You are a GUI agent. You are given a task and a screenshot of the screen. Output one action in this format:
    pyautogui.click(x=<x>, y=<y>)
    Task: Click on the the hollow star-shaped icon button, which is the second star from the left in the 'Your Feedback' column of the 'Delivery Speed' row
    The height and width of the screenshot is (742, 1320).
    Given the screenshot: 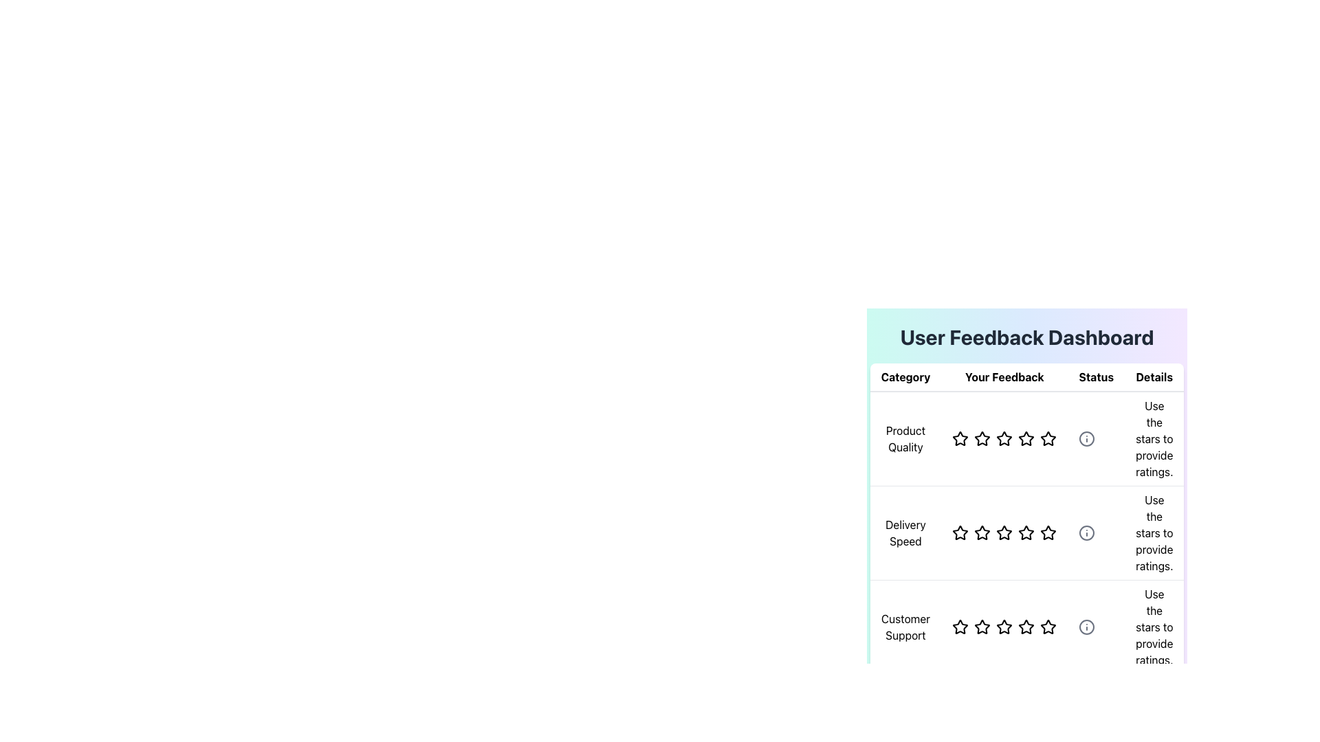 What is the action you would take?
    pyautogui.click(x=982, y=532)
    